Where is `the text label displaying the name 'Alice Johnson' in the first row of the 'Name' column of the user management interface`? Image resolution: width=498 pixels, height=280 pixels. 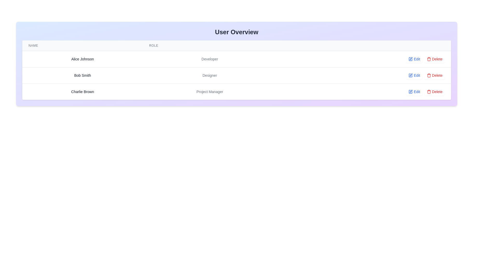 the text label displaying the name 'Alice Johnson' in the first row of the 'Name' column of the user management interface is located at coordinates (82, 59).